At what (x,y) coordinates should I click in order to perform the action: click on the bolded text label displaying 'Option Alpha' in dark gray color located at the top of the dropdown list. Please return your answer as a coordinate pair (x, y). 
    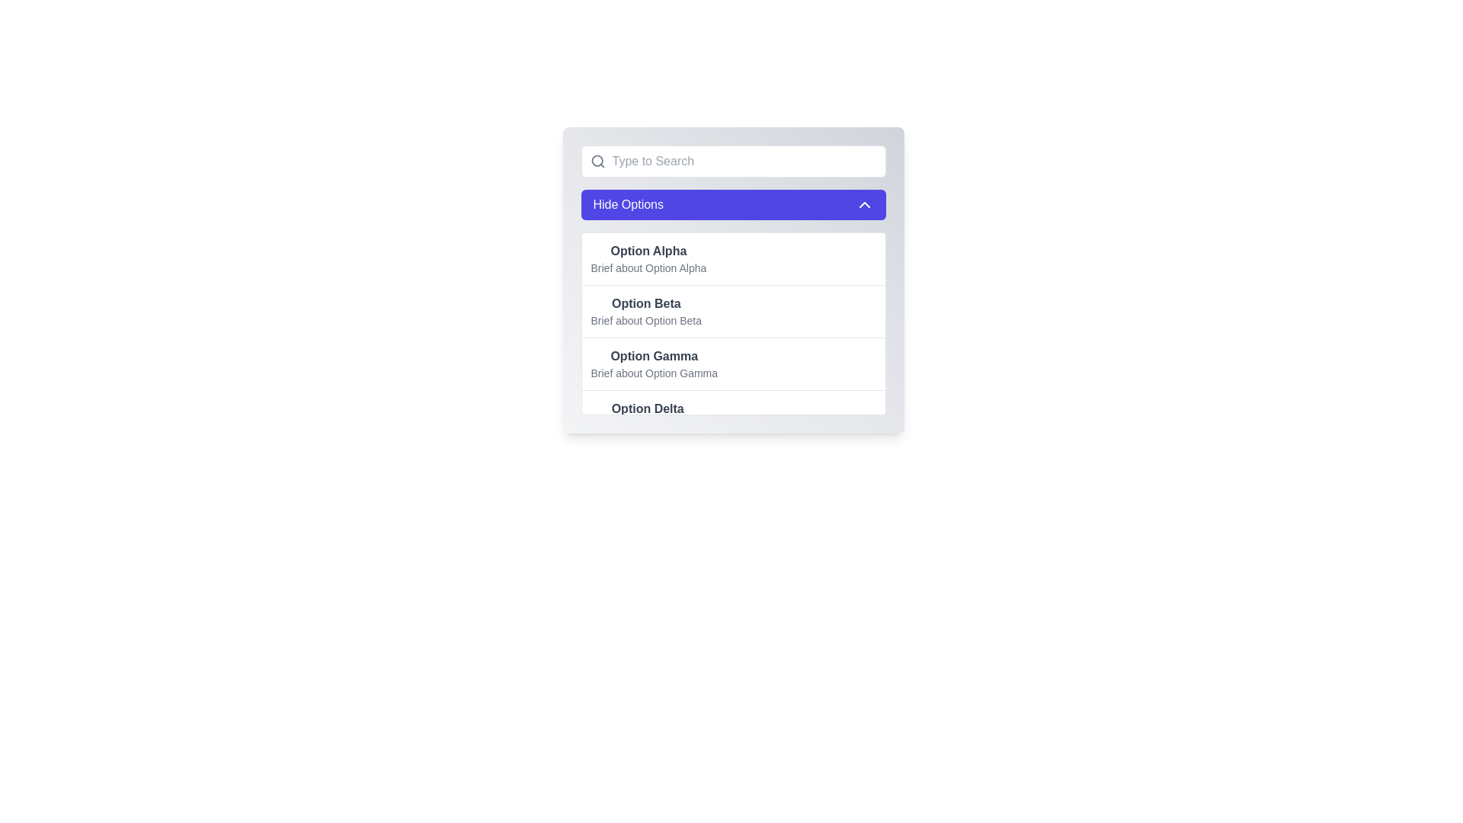
    Looking at the image, I should click on (648, 251).